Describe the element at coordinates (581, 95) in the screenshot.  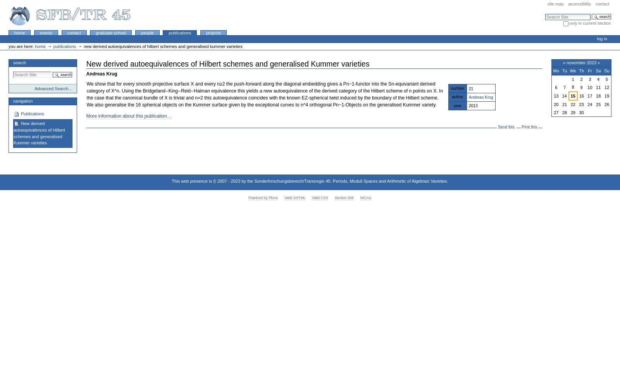
I see `'16'` at that location.